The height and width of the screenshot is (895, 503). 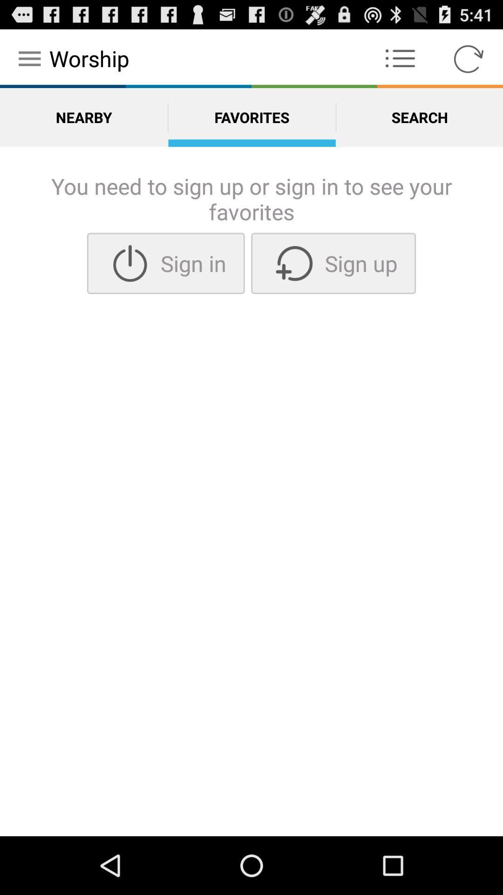 I want to click on the icon to the right of the worship app, so click(x=400, y=58).